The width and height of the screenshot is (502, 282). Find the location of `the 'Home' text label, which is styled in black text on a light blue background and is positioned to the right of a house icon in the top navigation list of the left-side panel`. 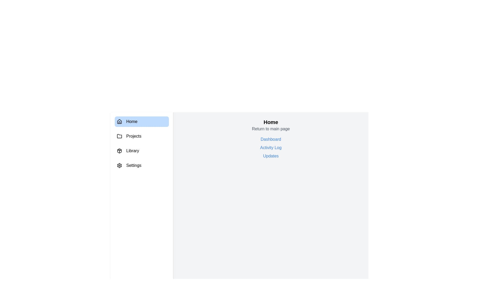

the 'Home' text label, which is styled in black text on a light blue background and is positioned to the right of a house icon in the top navigation list of the left-side panel is located at coordinates (132, 122).